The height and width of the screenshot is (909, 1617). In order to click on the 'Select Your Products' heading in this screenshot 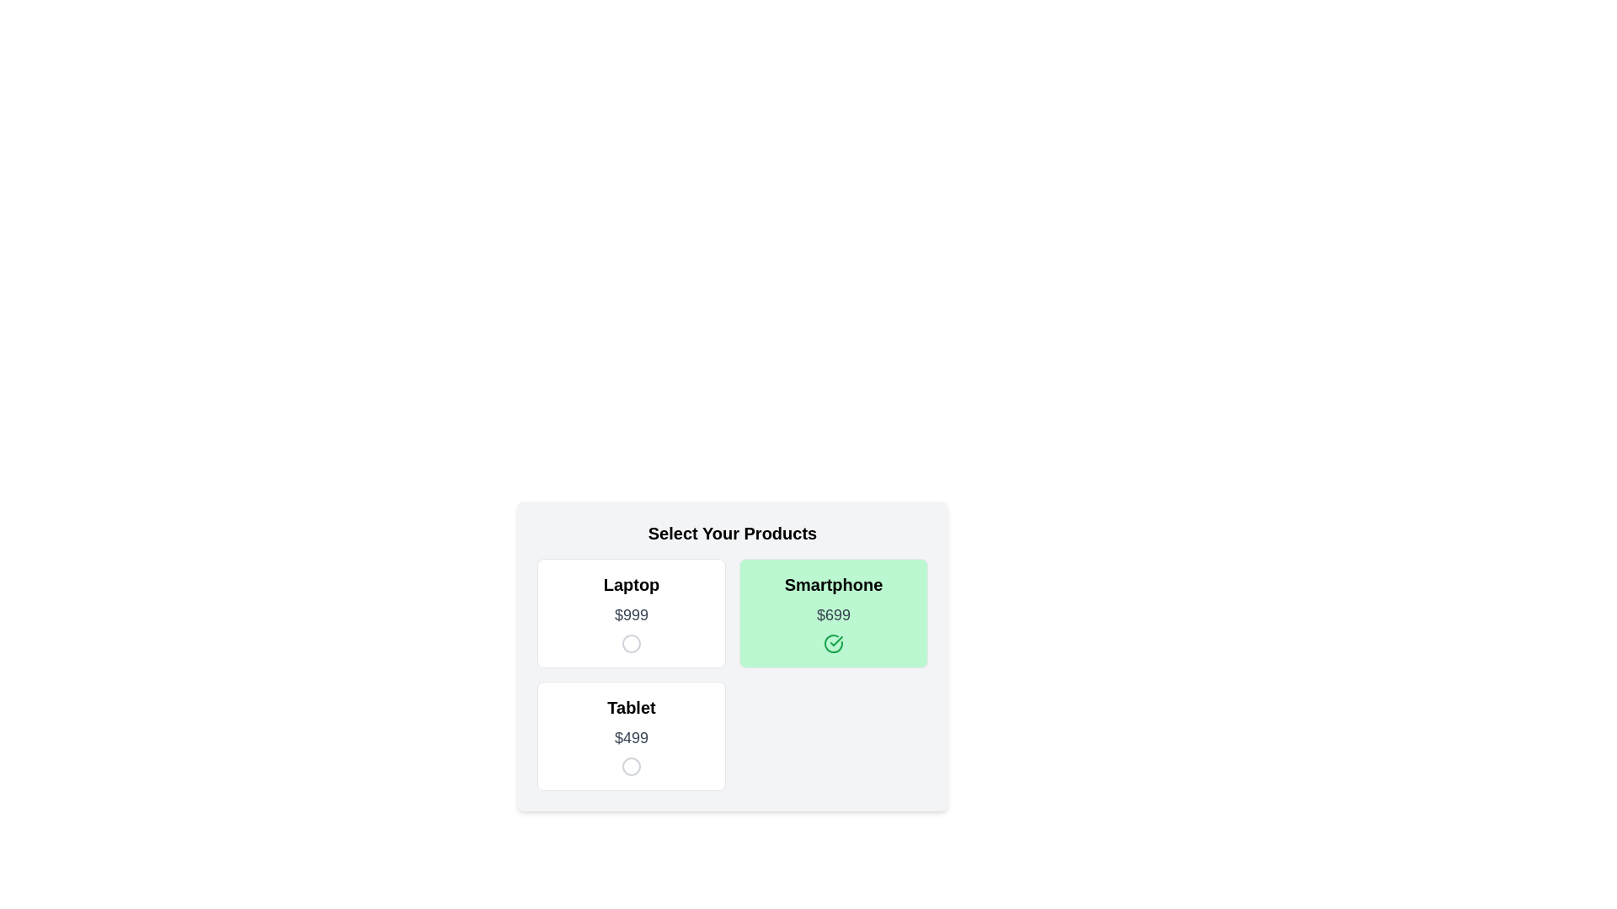, I will do `click(732, 533)`.